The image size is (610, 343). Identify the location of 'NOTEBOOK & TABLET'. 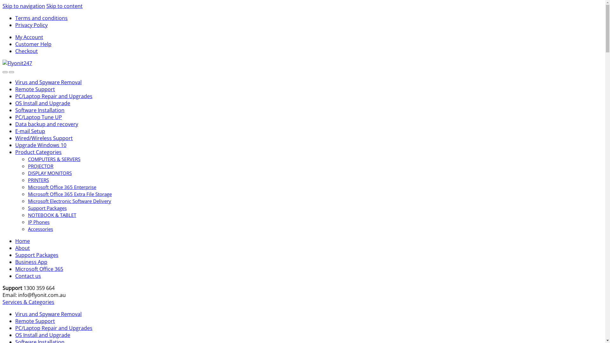
(52, 215).